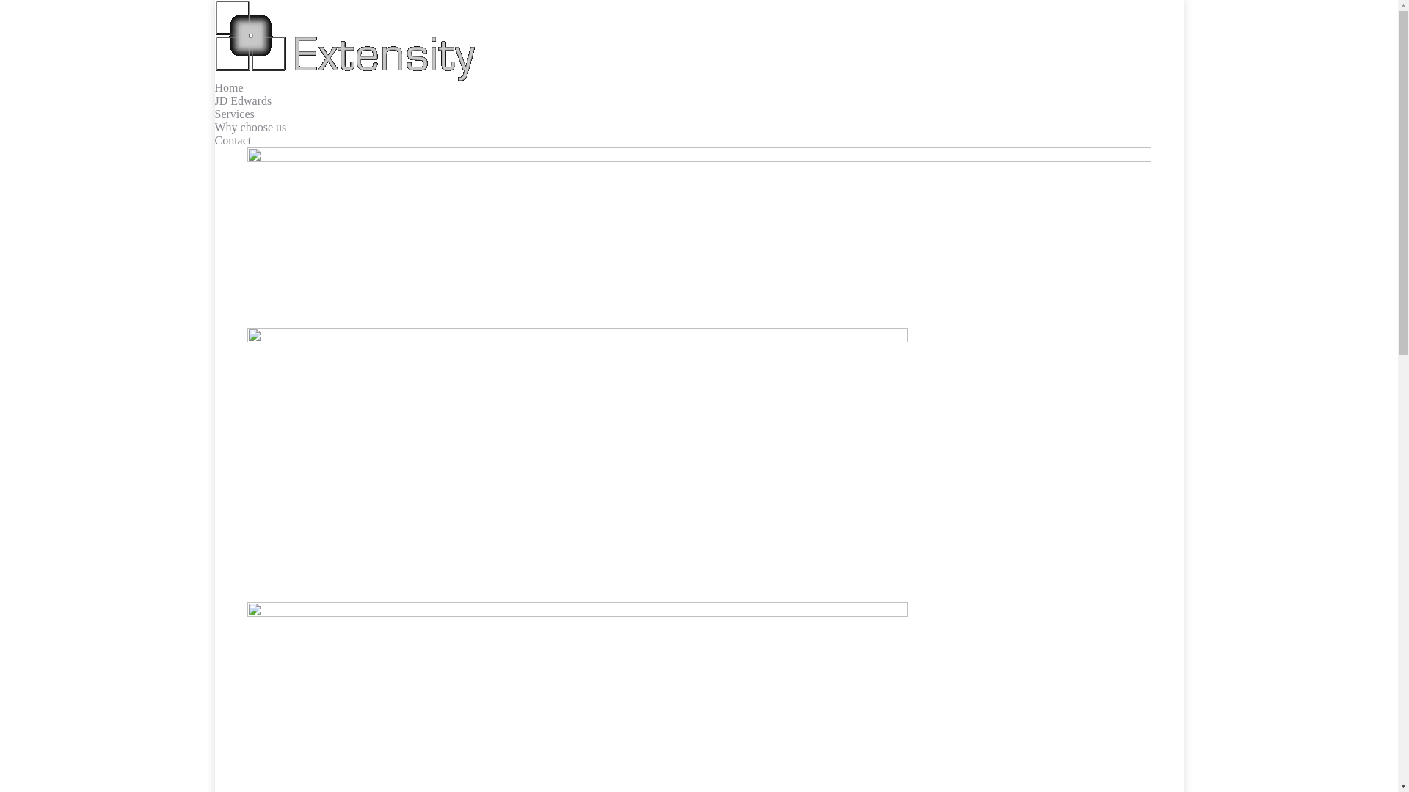 The image size is (1409, 792). I want to click on 'Why choose us', so click(250, 126).